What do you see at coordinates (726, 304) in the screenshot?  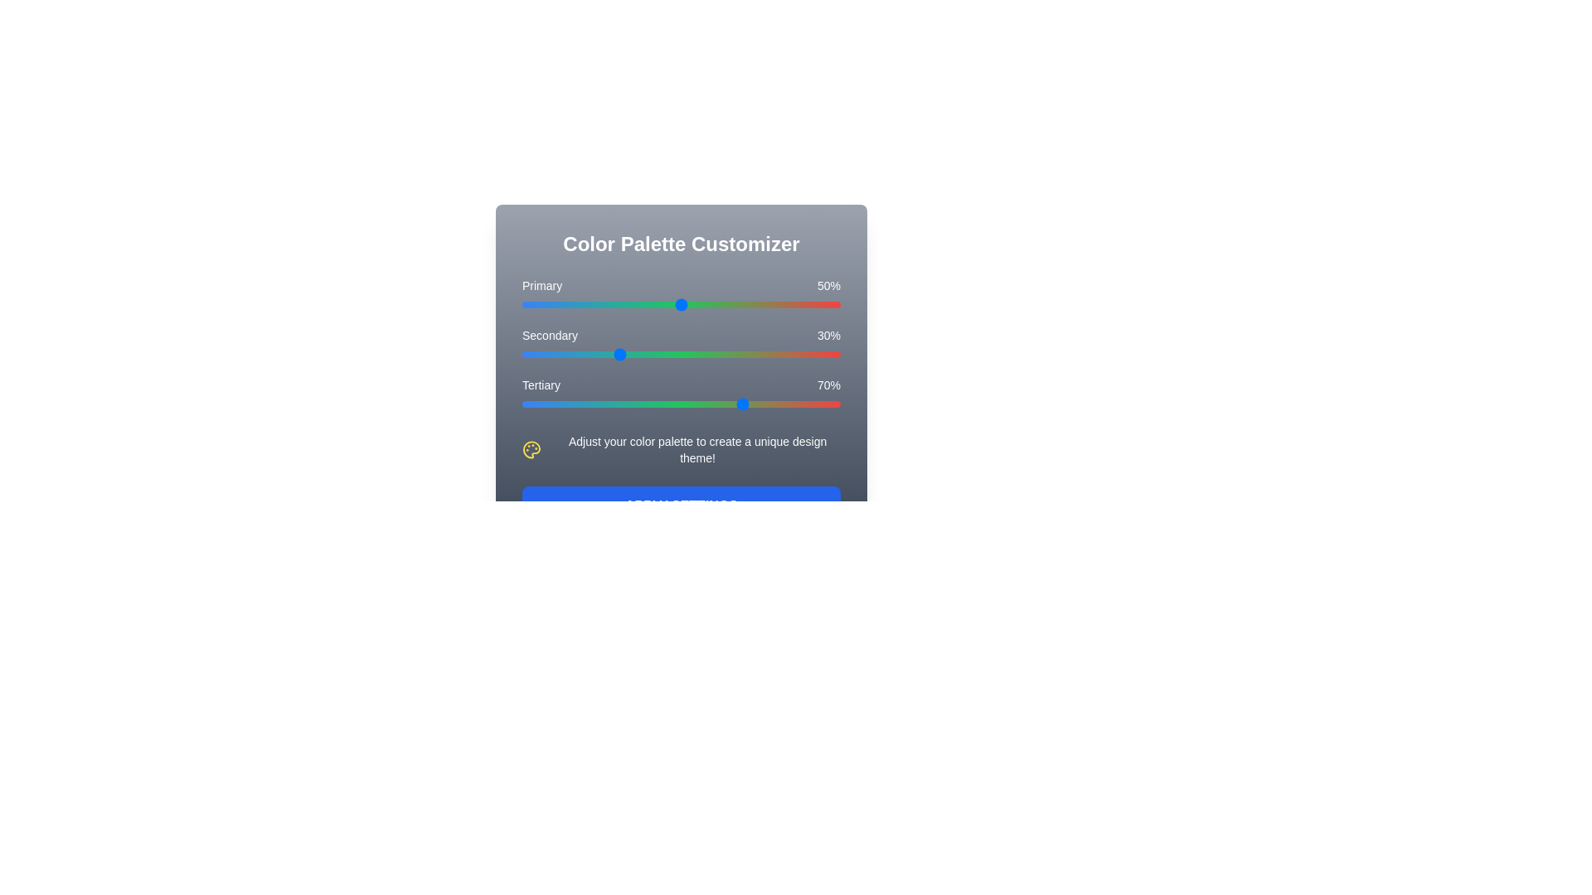 I see `the primary color intensity` at bounding box center [726, 304].